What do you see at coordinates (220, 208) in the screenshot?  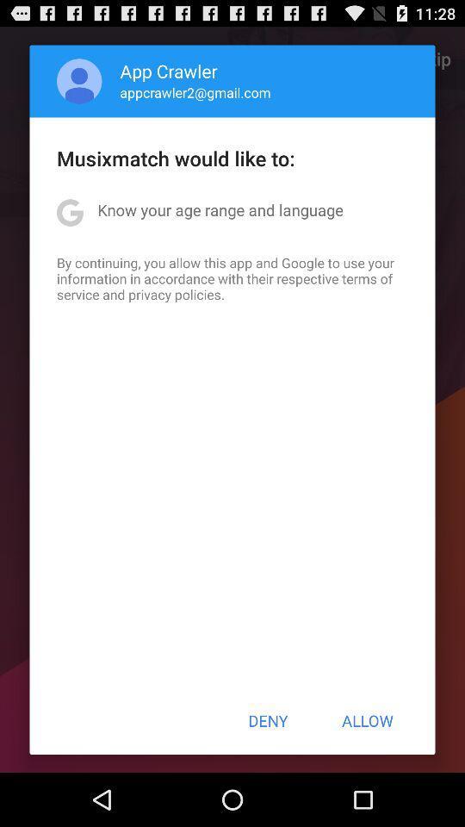 I see `the item above by continuing you item` at bounding box center [220, 208].